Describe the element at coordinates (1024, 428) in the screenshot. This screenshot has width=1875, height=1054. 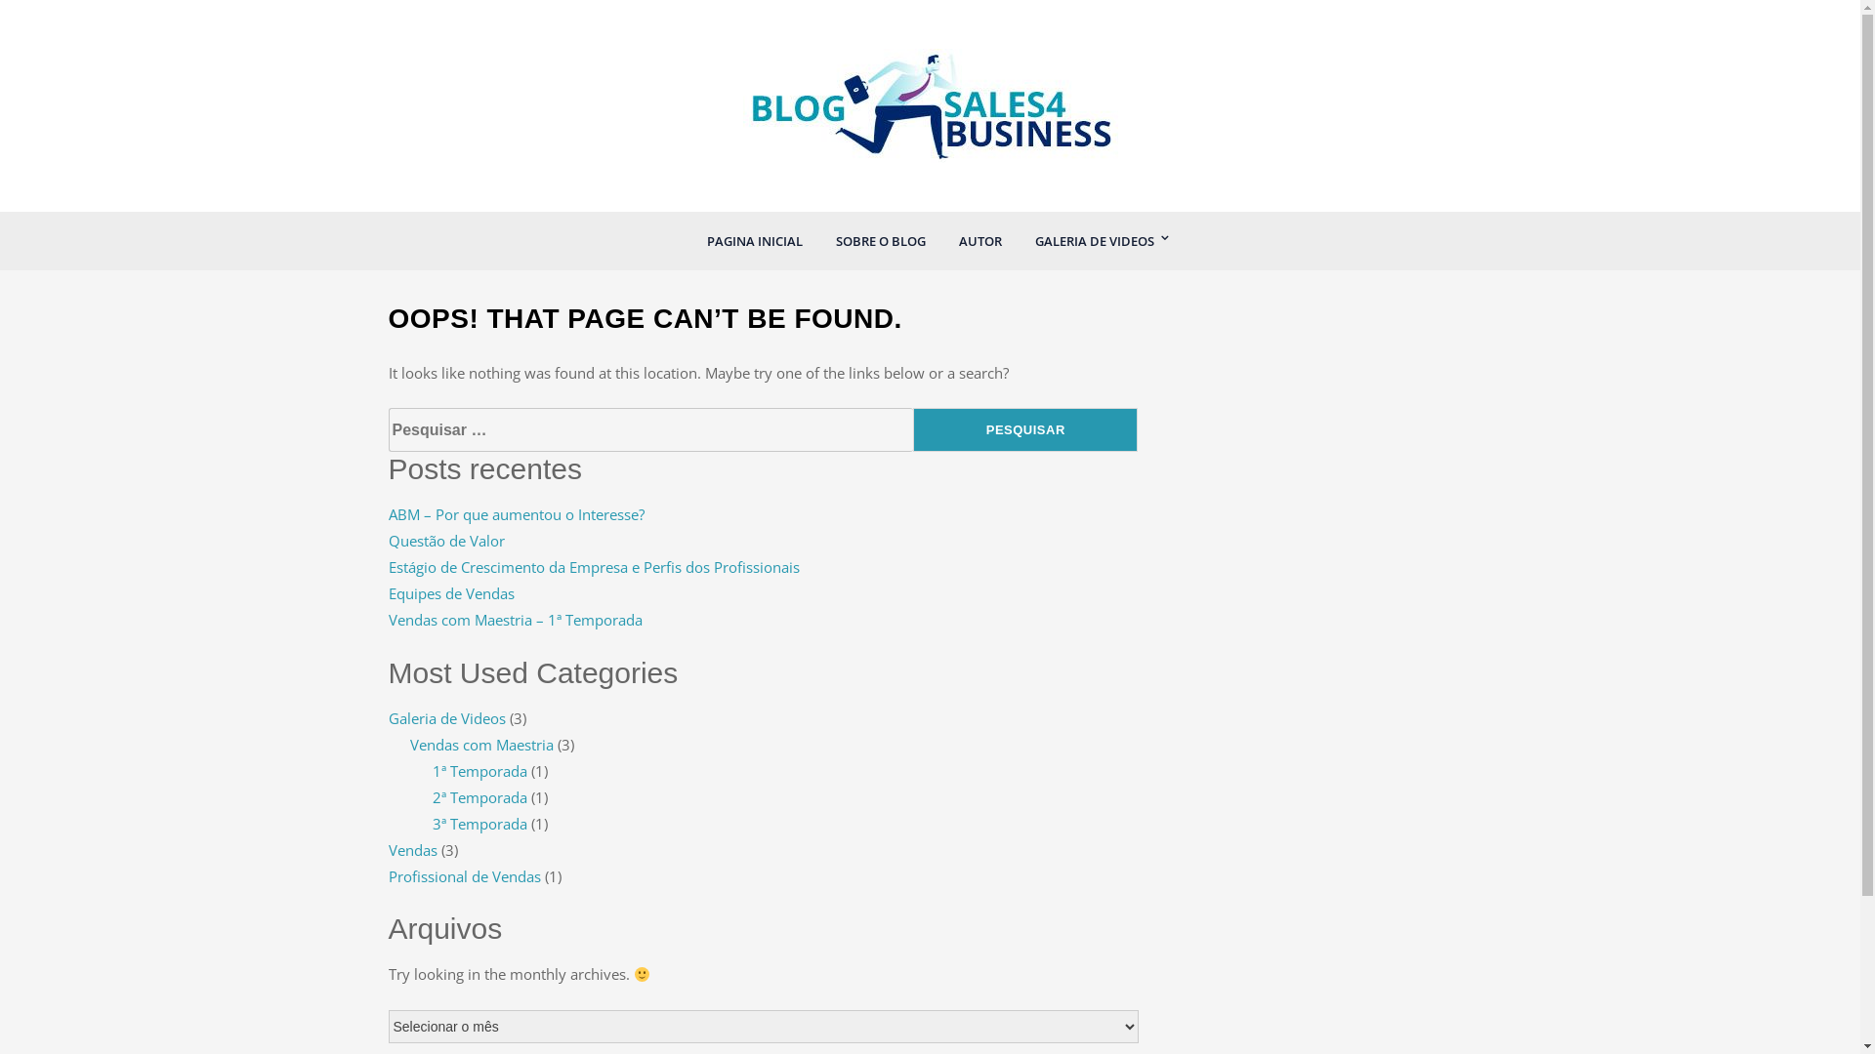
I see `'Pesquisar'` at that location.